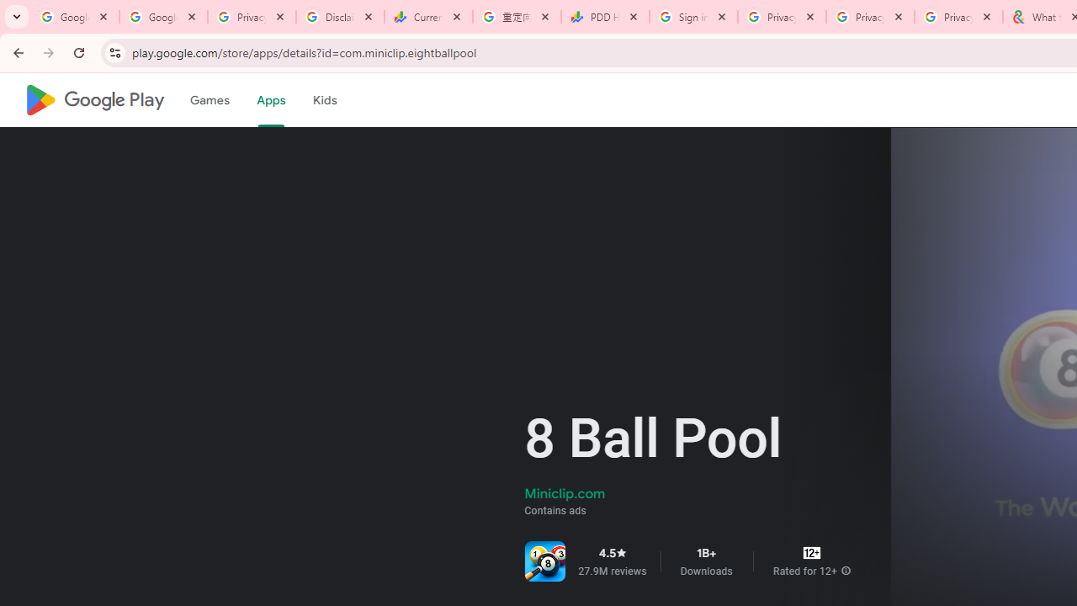  Describe the element at coordinates (870, 17) in the screenshot. I see `'Privacy Checkup'` at that location.